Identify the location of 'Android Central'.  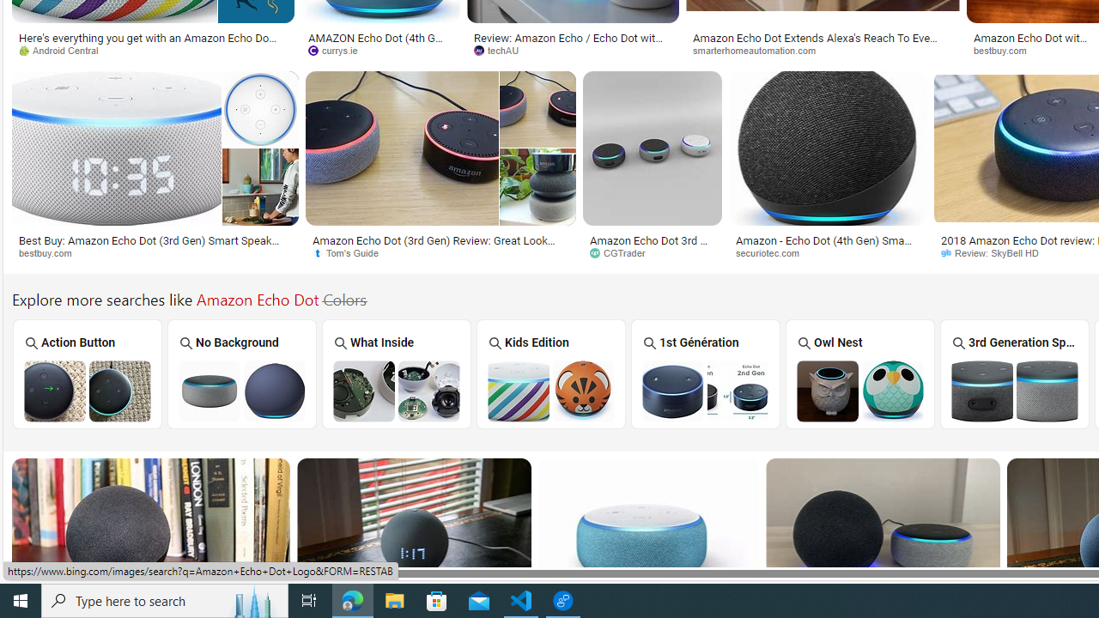
(64, 49).